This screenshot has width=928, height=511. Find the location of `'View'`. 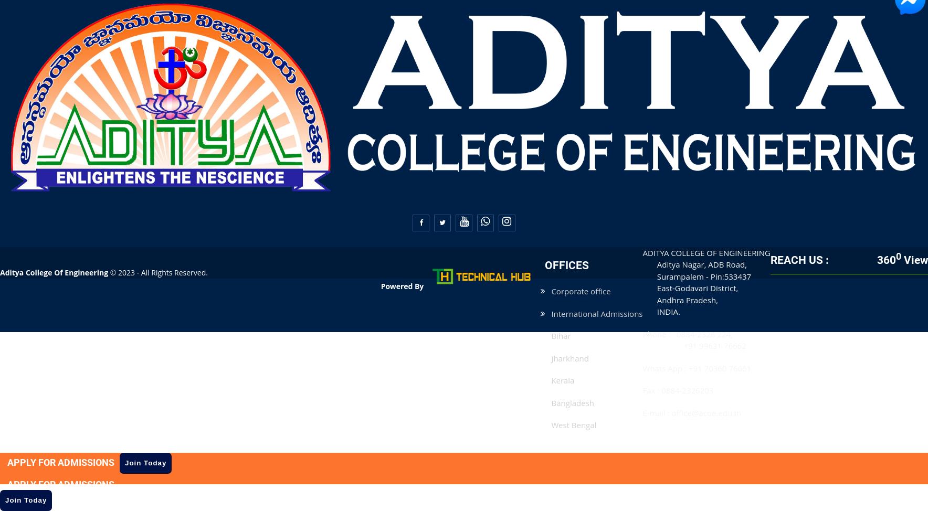

'View' is located at coordinates (914, 259).